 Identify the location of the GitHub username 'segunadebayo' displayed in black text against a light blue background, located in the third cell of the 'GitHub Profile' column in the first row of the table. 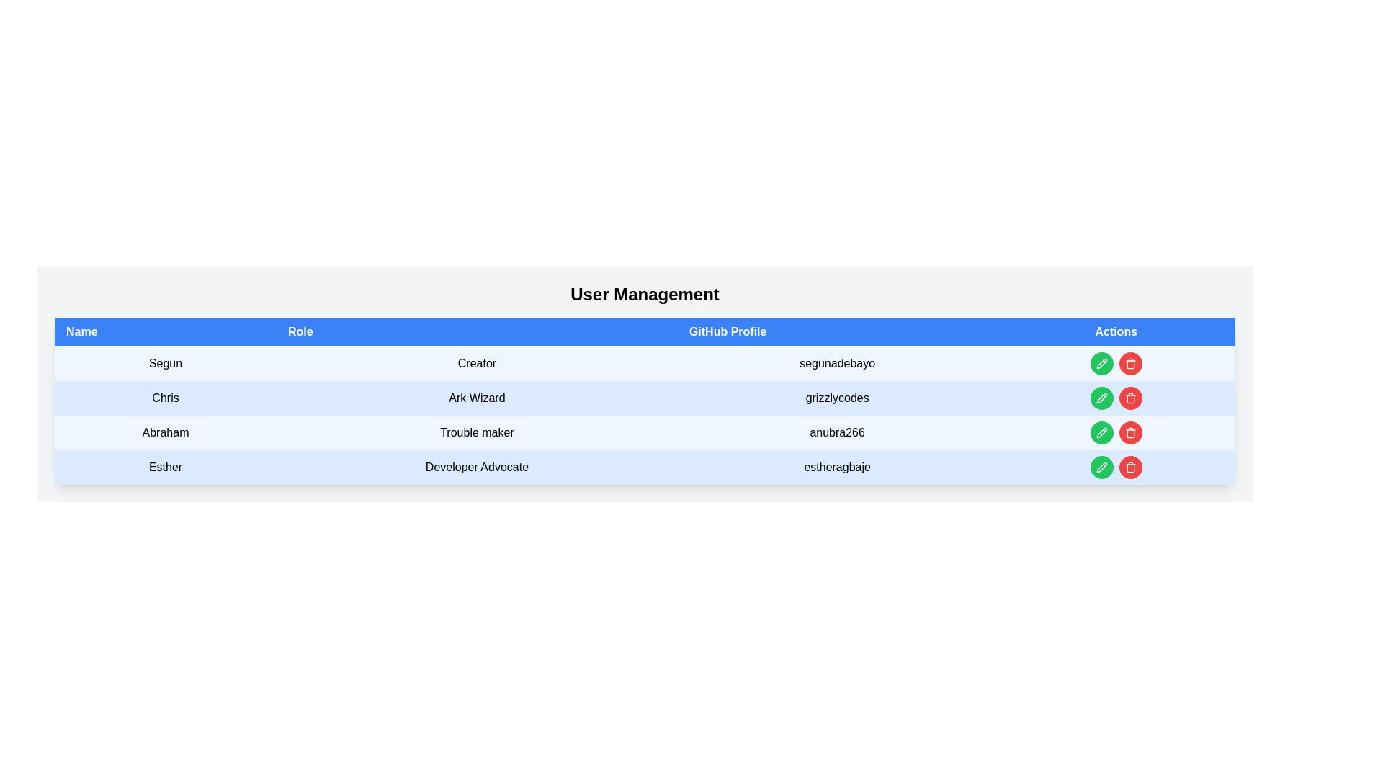
(837, 363).